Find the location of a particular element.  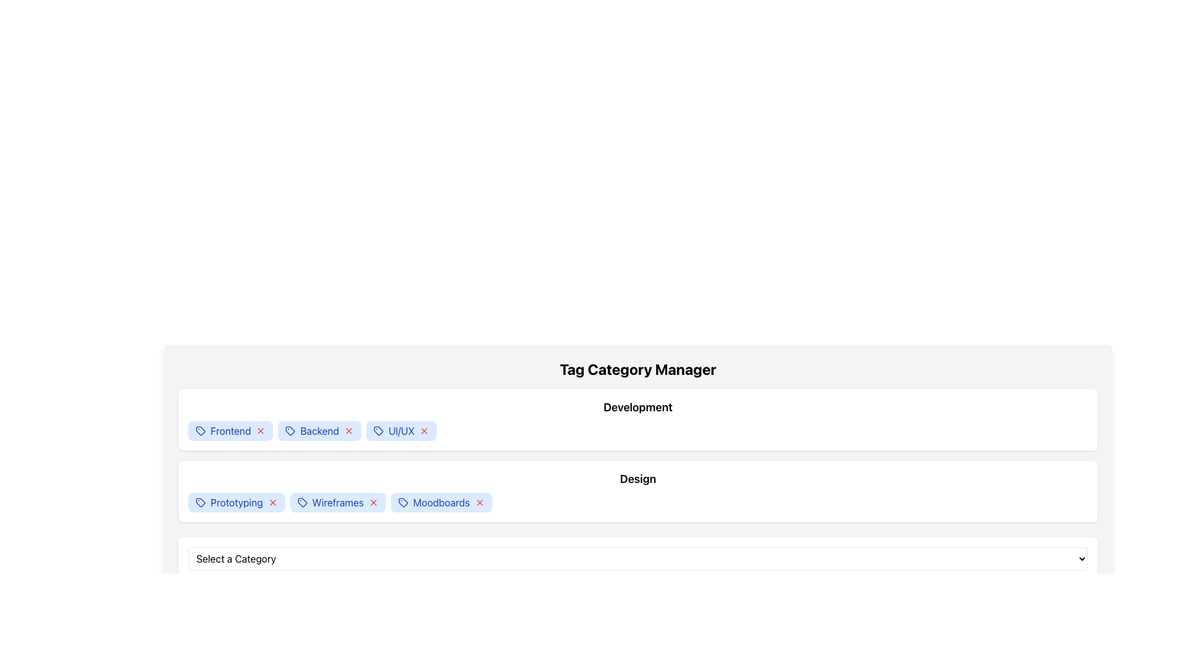

the small red 'X' icon button located at the right end of the 'Wireframes' tag in the second row of tags under the 'Design' category is located at coordinates (372, 502).